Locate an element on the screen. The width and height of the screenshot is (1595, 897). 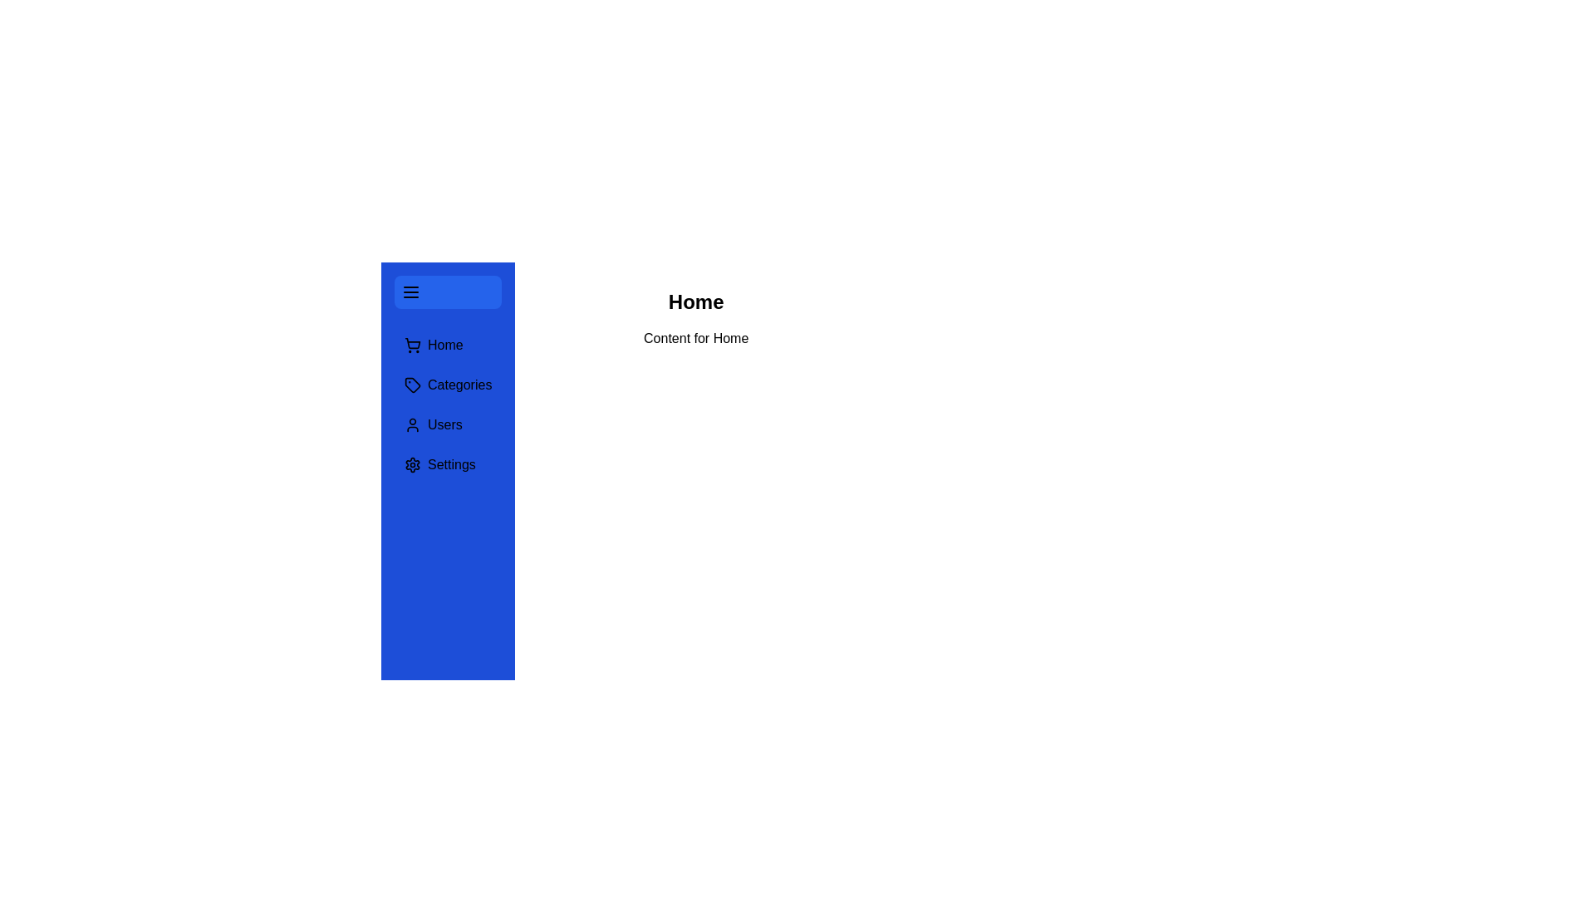
the Settings section from the menu is located at coordinates (448, 464).